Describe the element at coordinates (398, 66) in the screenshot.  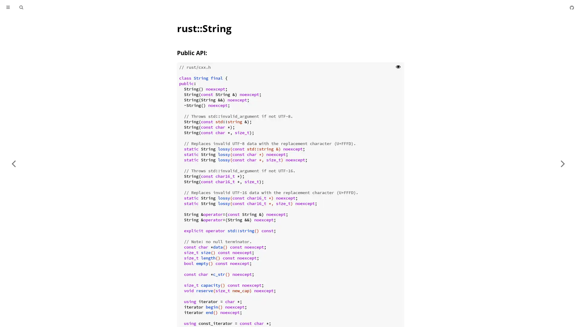
I see `Show hidden lines` at that location.